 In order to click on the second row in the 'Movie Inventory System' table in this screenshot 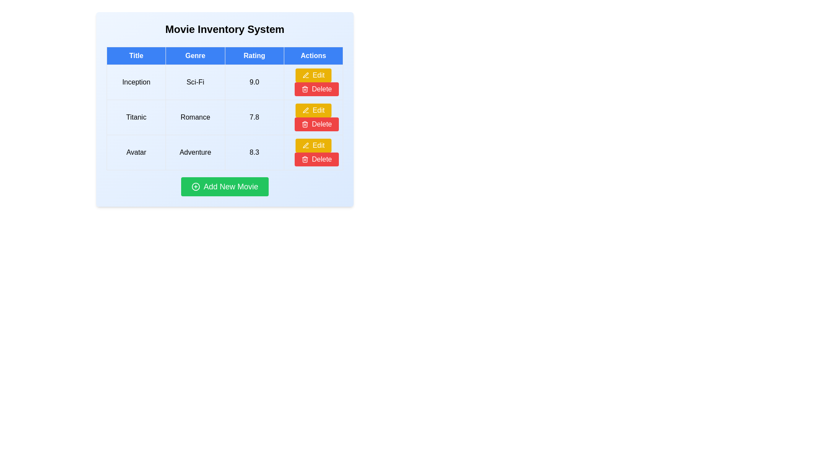, I will do `click(224, 117)`.